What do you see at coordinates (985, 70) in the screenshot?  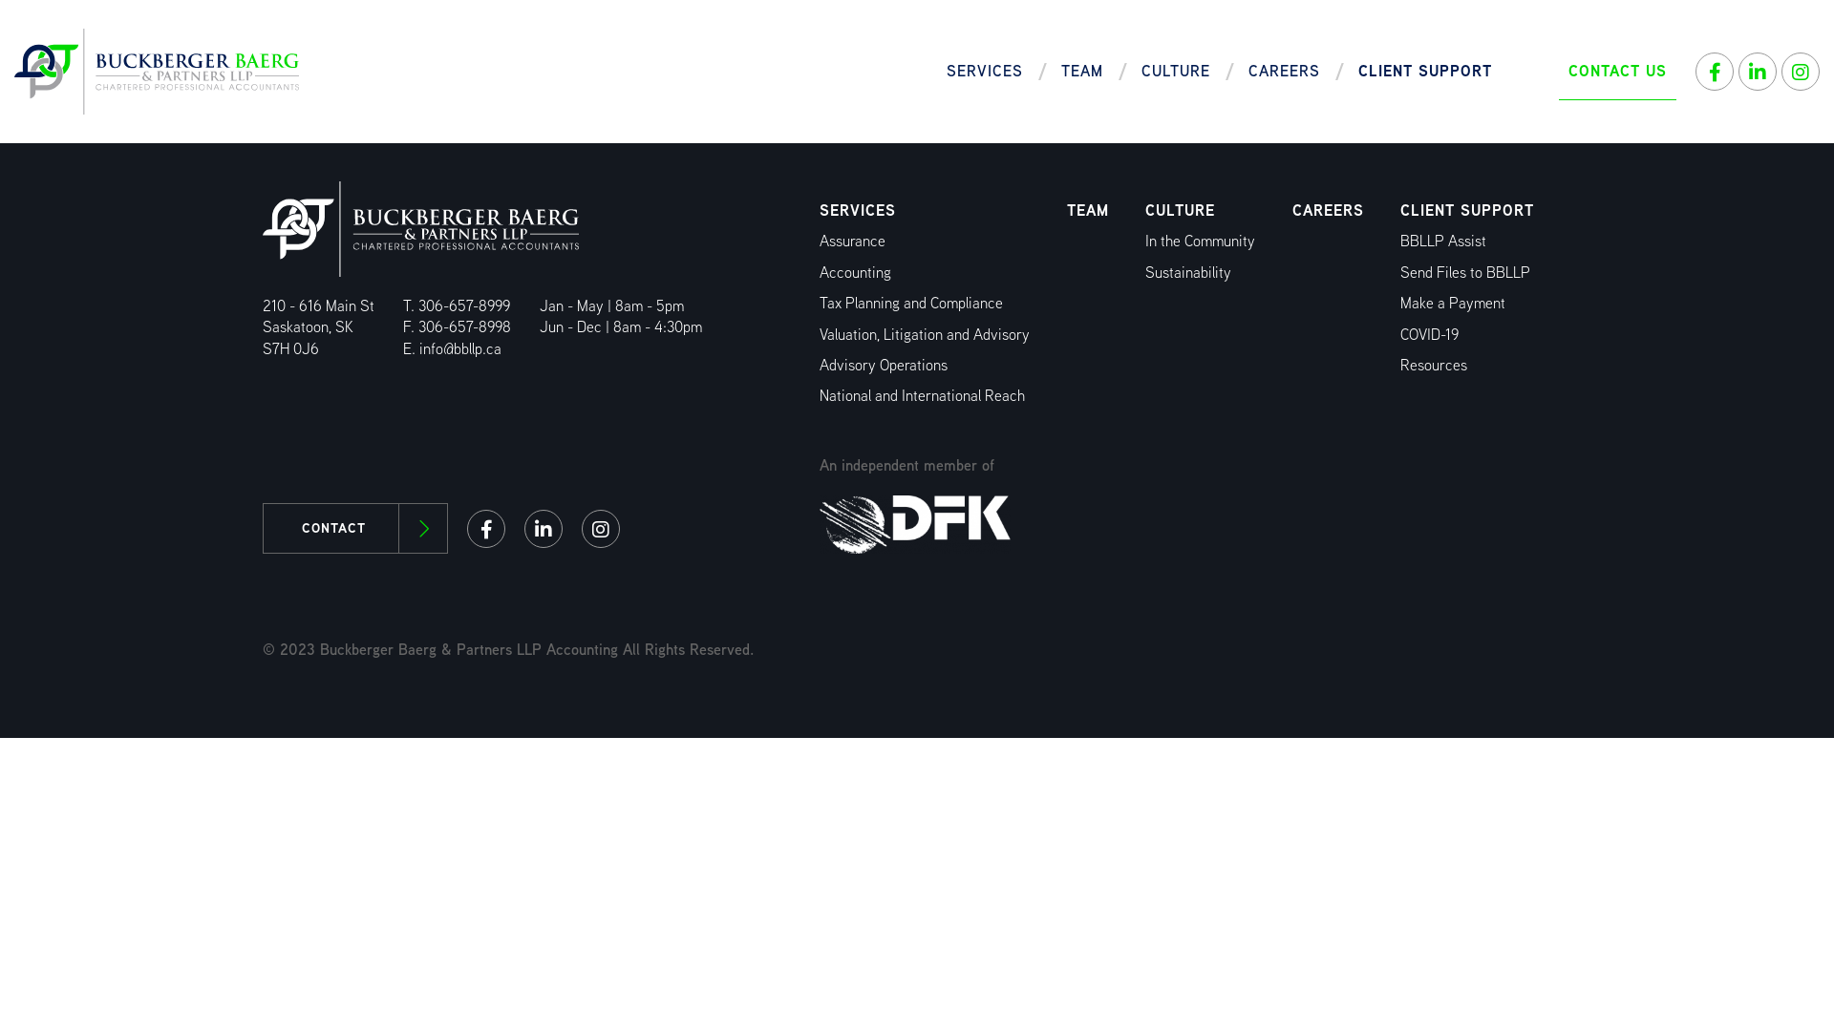 I see `'SERVICES'` at bounding box center [985, 70].